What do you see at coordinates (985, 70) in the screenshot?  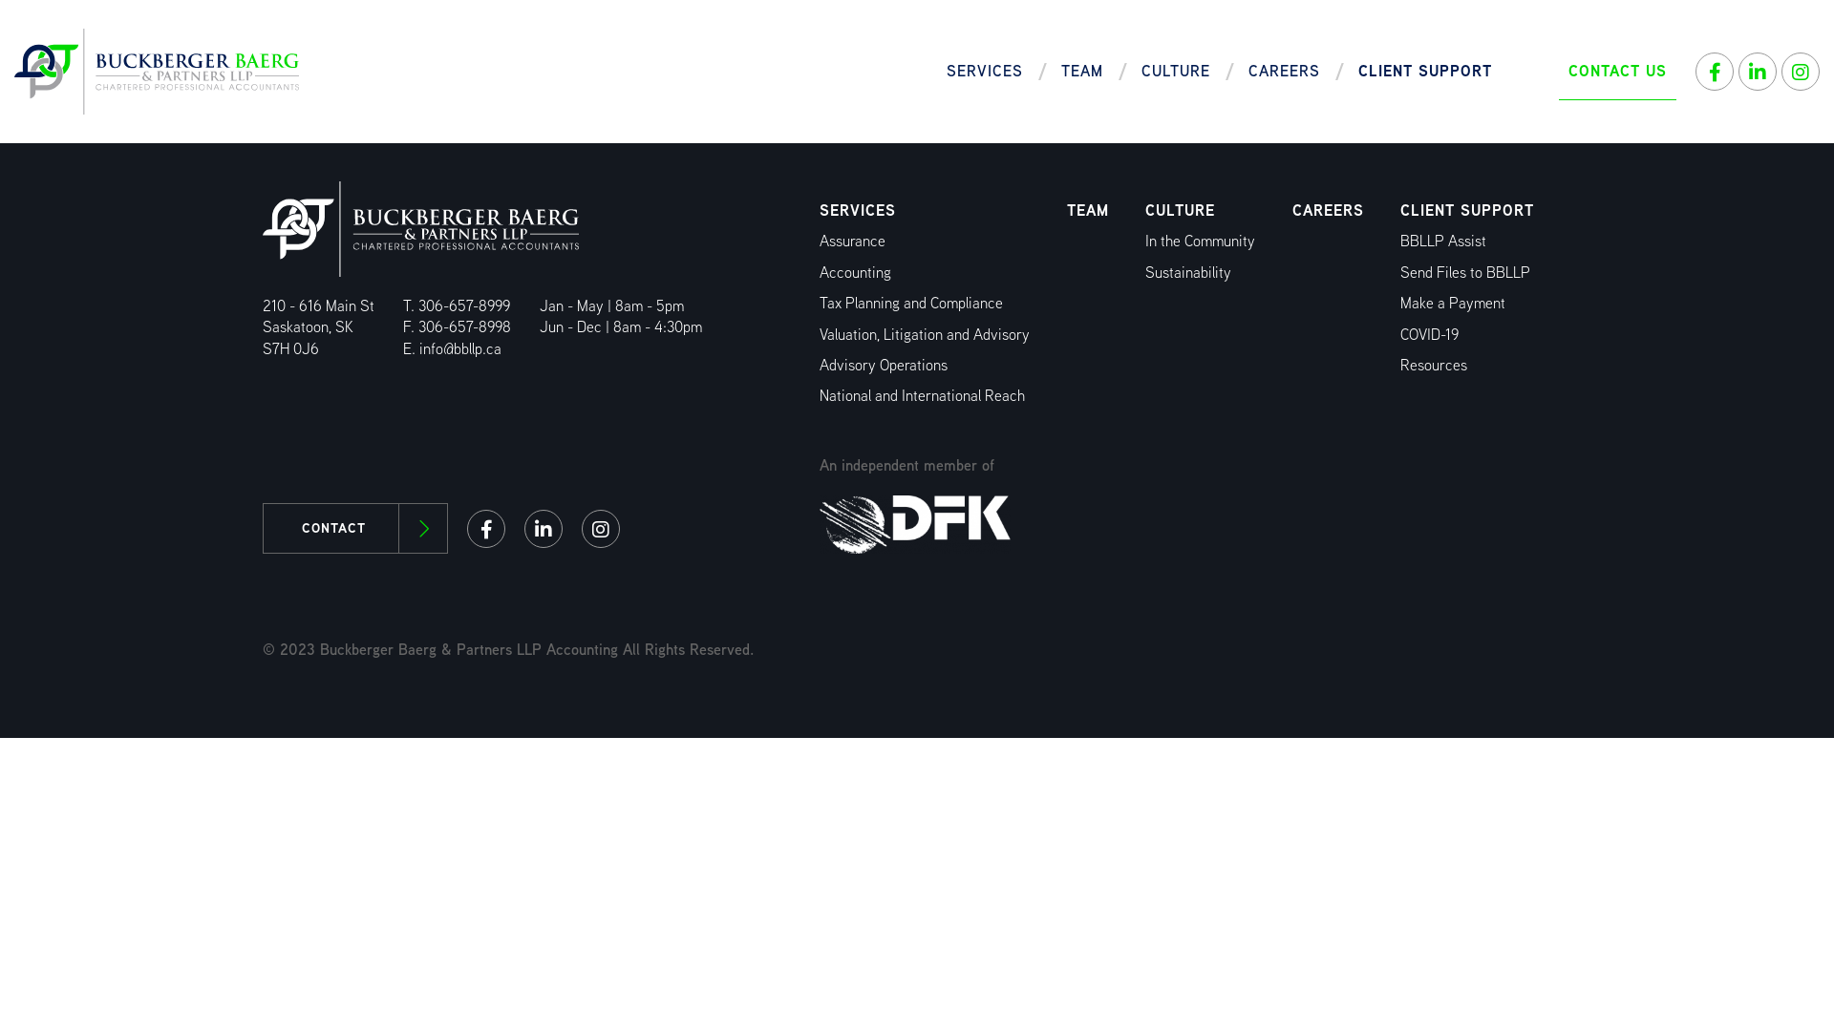 I see `'SERVICES'` at bounding box center [985, 70].